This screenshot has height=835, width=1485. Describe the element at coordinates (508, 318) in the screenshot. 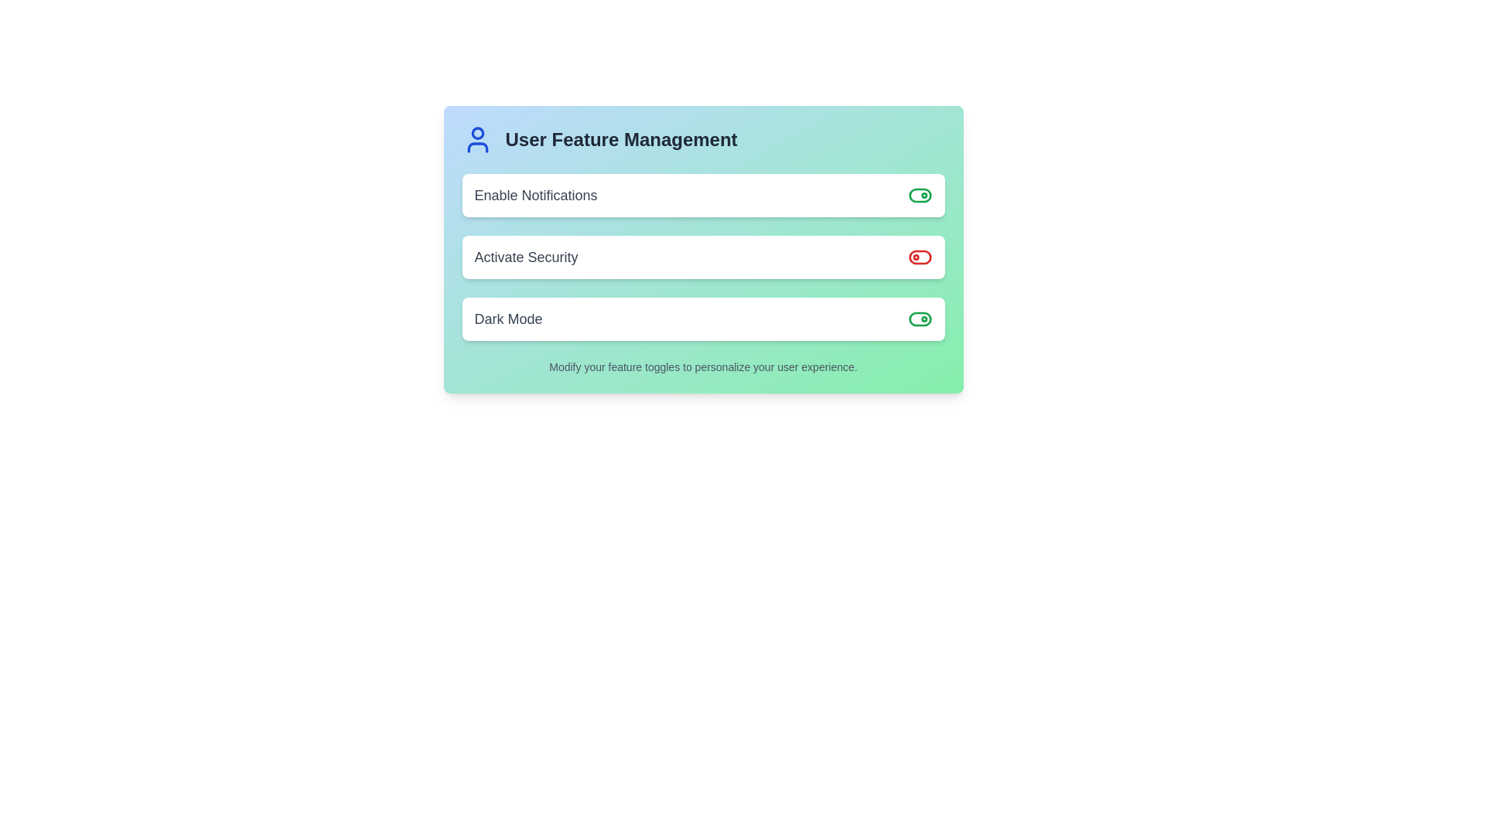

I see `the 'Dark Mode' text label, which is a medium-sized, gray-colored font located in the middle-left section of the light-themed settings menu` at that location.